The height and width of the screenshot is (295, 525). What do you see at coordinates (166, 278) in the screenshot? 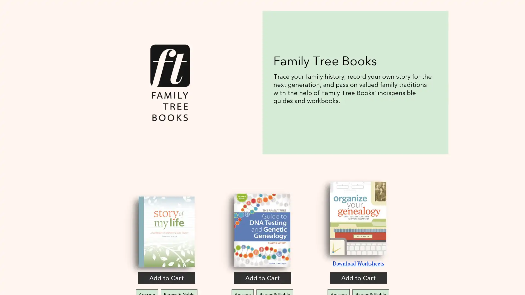
I see `Add to Cart` at bounding box center [166, 278].